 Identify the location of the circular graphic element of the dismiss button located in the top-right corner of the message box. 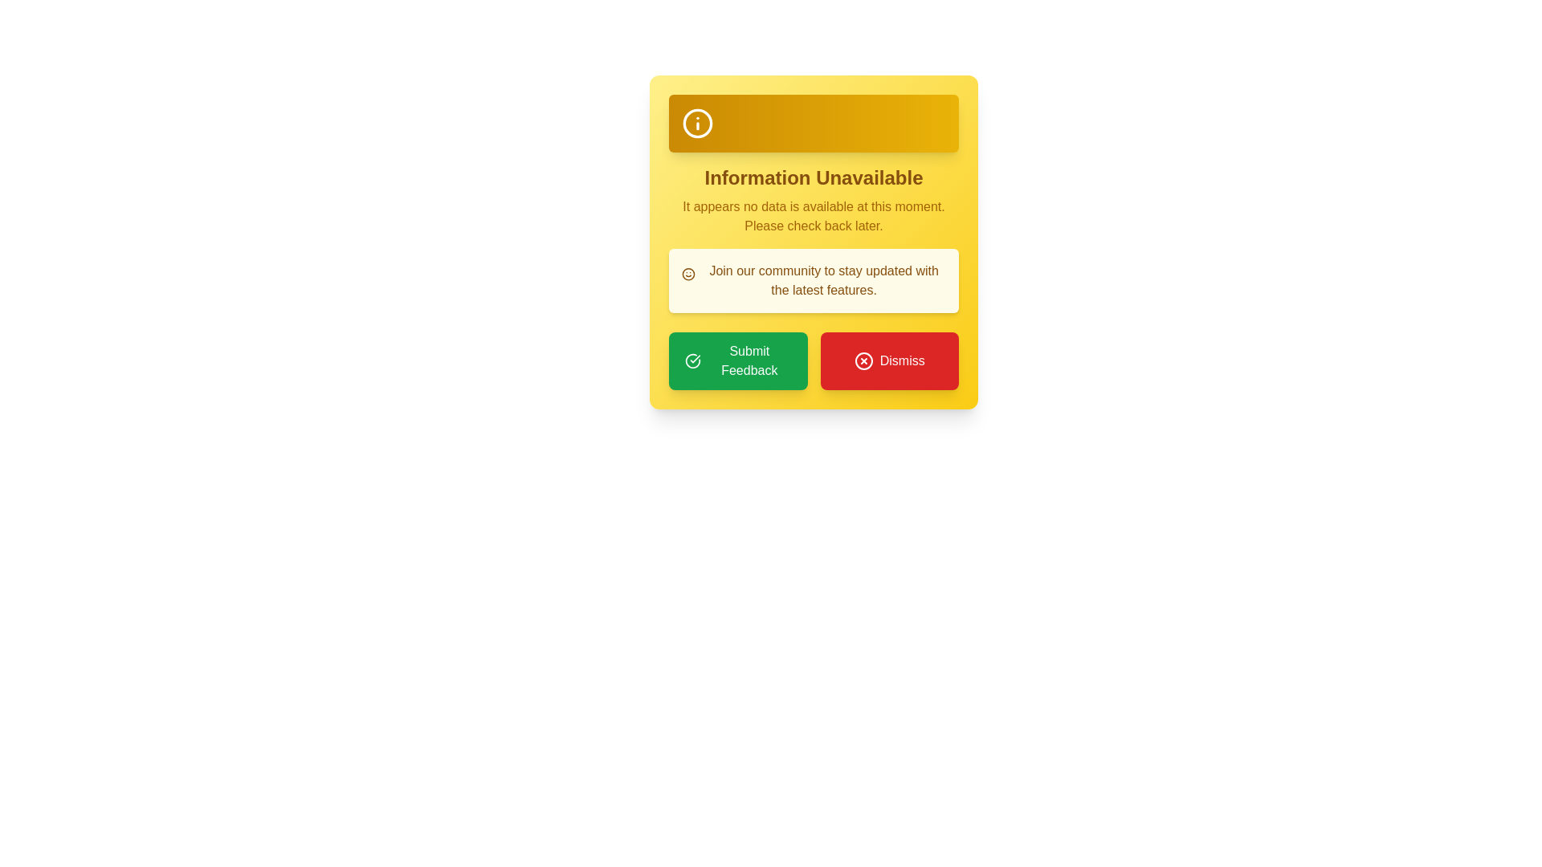
(863, 361).